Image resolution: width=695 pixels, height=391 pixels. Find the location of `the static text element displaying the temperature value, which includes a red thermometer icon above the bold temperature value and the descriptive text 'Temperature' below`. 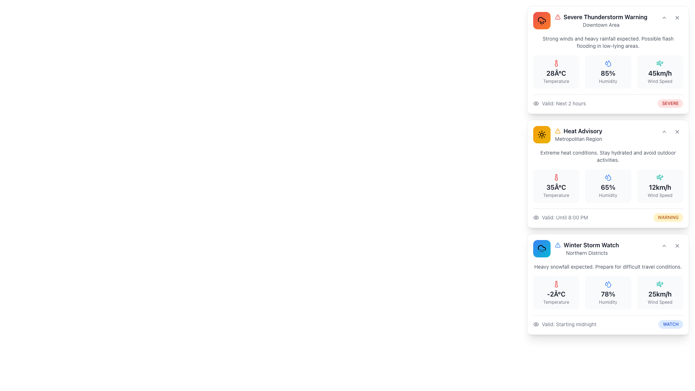

the static text element displaying the temperature value, which includes a red thermometer icon above the bold temperature value and the descriptive text 'Temperature' below is located at coordinates (556, 293).